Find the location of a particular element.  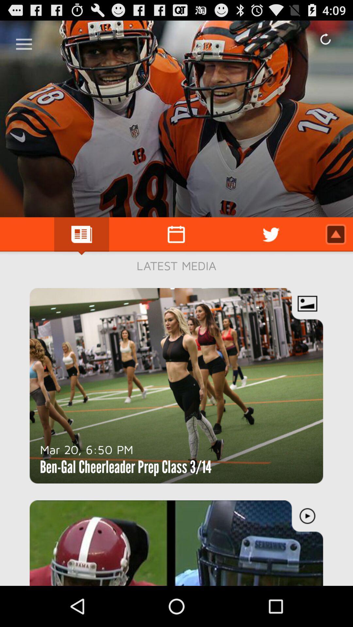

the icon below mar 20 6 icon is located at coordinates (126, 467).